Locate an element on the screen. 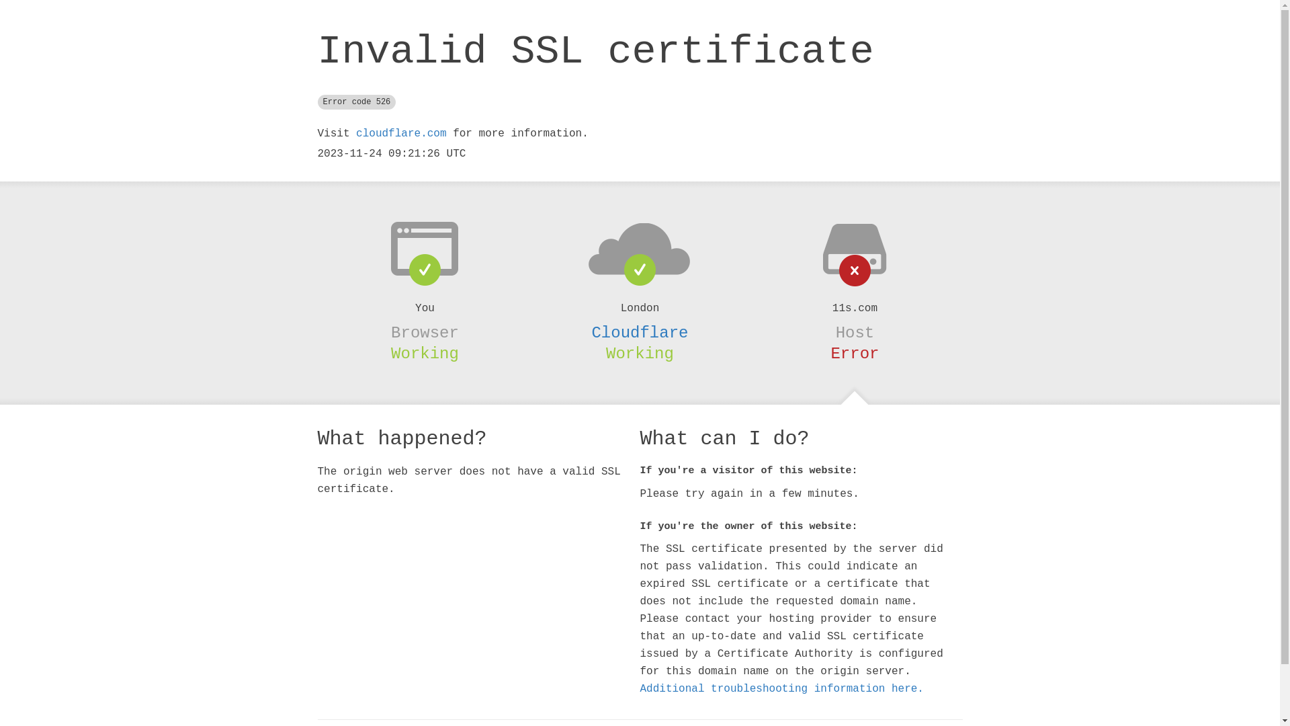 This screenshot has width=1290, height=726. 'Cloudflare' is located at coordinates (591, 333).